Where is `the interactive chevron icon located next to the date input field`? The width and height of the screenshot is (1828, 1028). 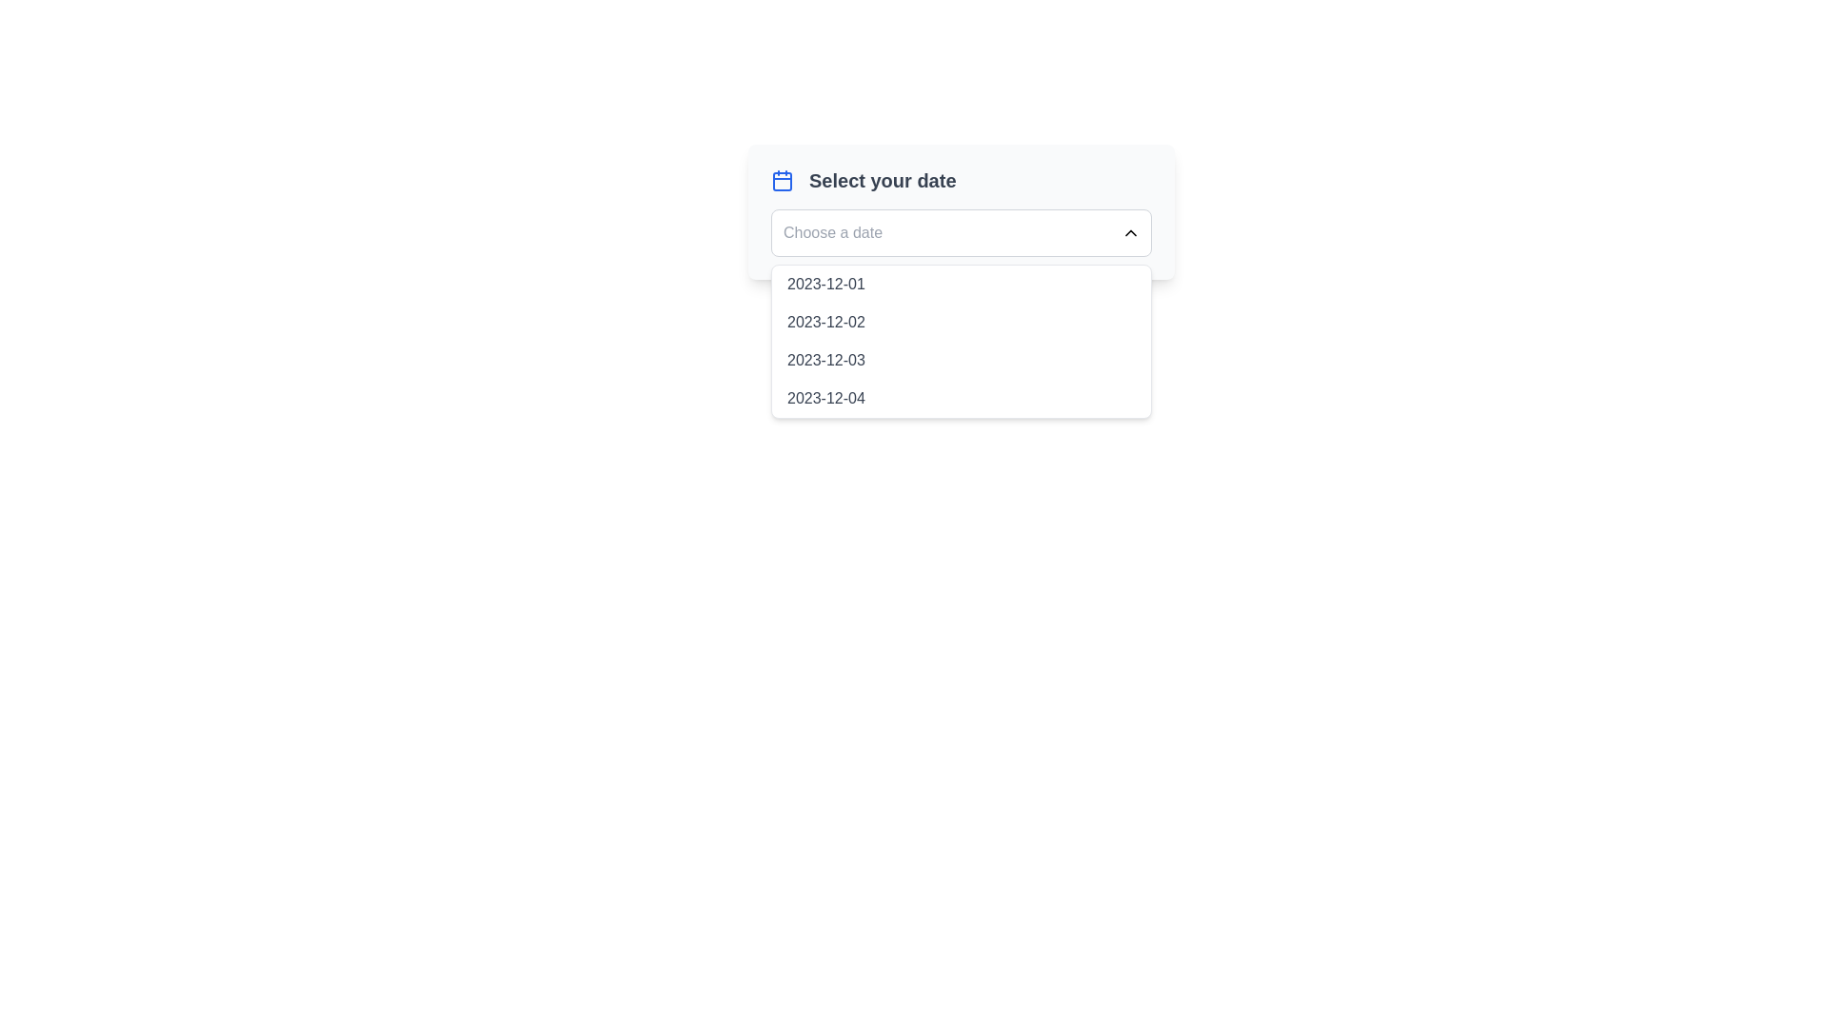
the interactive chevron icon located next to the date input field is located at coordinates (1131, 232).